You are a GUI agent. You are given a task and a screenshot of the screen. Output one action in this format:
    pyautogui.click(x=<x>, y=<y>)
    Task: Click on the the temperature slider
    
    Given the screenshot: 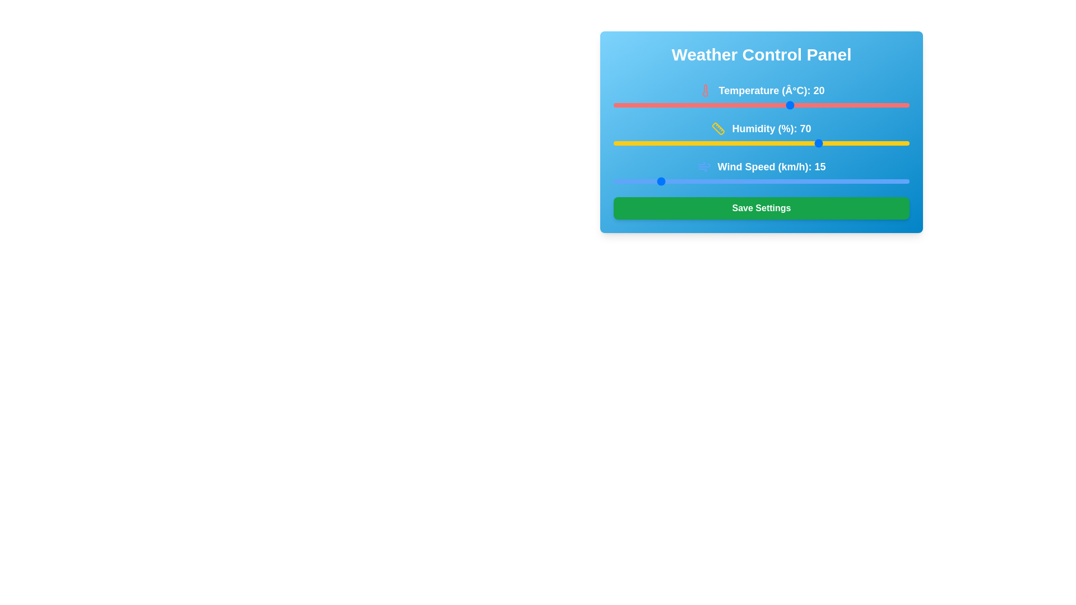 What is the action you would take?
    pyautogui.click(x=643, y=105)
    